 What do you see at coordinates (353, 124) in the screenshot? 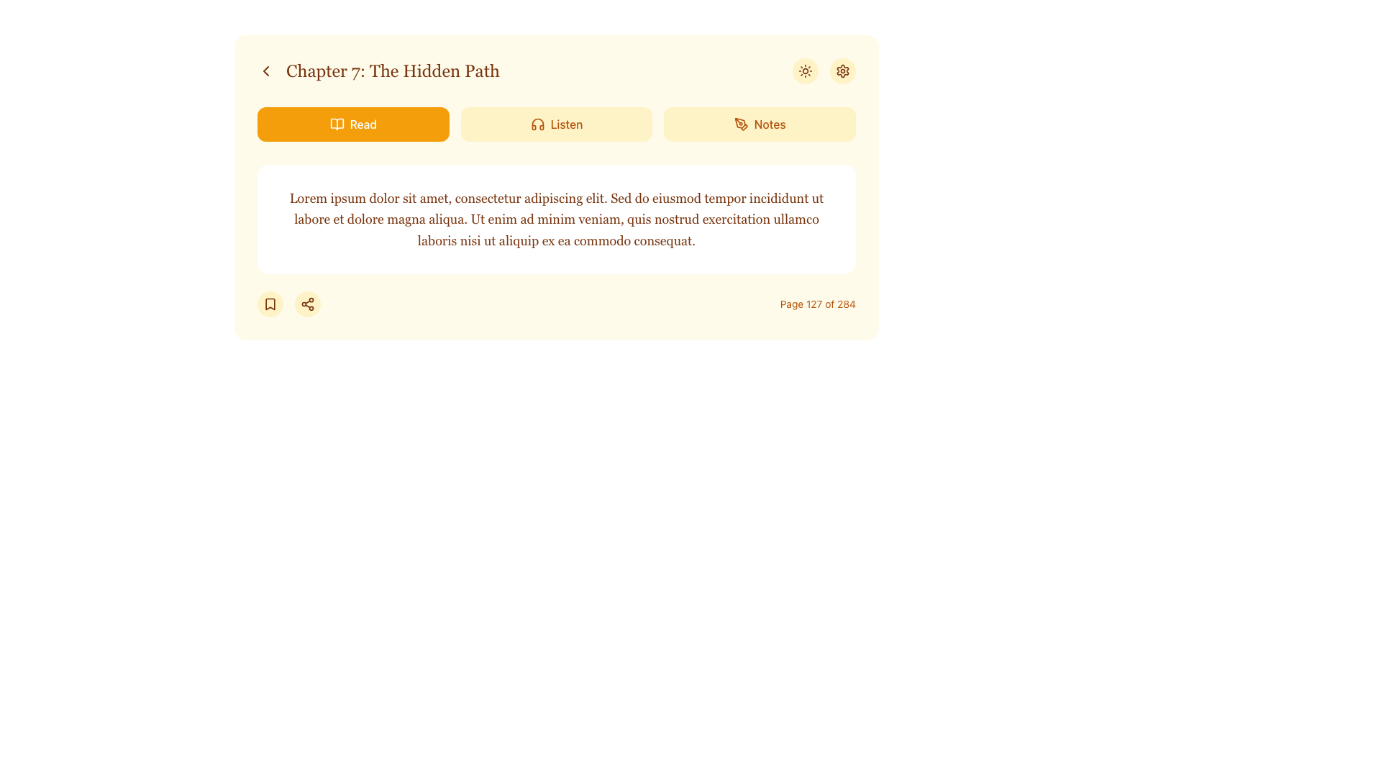
I see `the 'Read' button located at the top left of the interface` at bounding box center [353, 124].